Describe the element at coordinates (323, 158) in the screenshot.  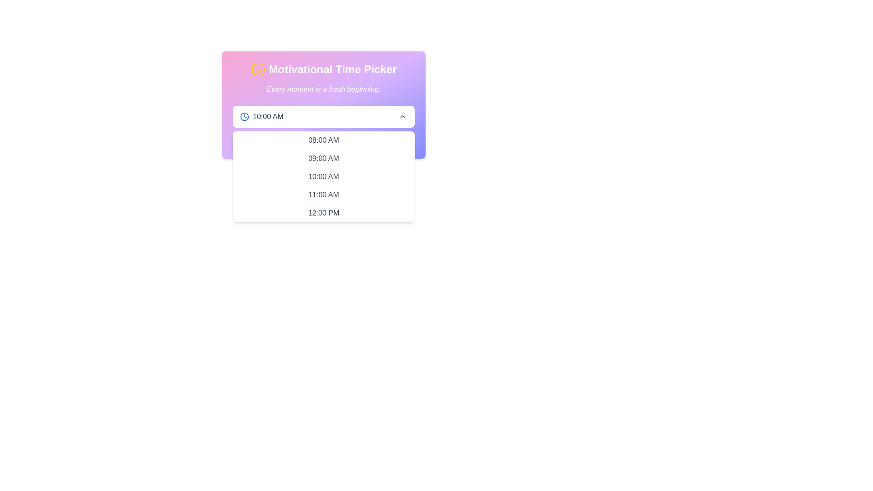
I see `the selectable text item displaying '09:00 AM' in the dropdown list` at that location.